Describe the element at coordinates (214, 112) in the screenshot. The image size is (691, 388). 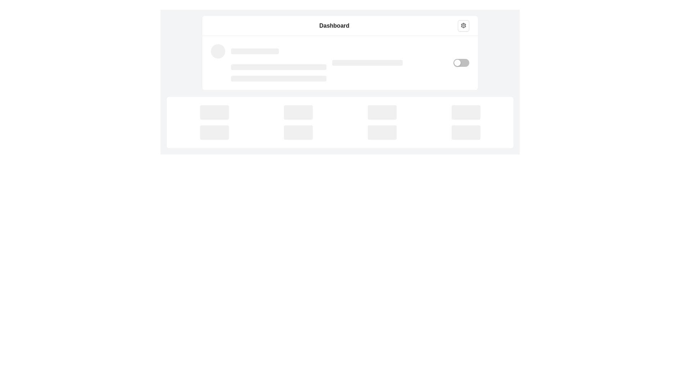
I see `the Skeleton button placeholder, which is a light-gray shaded rectangular component indicating a loading state, located at the center of the interface` at that location.